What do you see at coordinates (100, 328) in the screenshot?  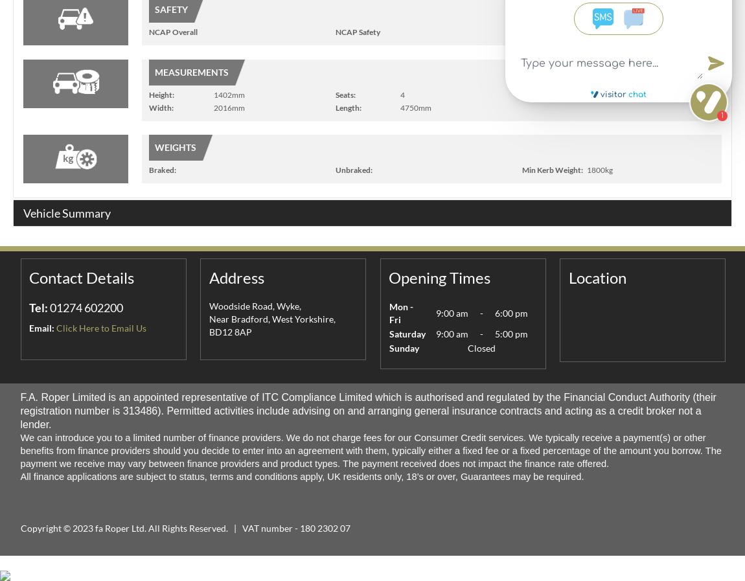 I see `'Click Here to Email Us'` at bounding box center [100, 328].